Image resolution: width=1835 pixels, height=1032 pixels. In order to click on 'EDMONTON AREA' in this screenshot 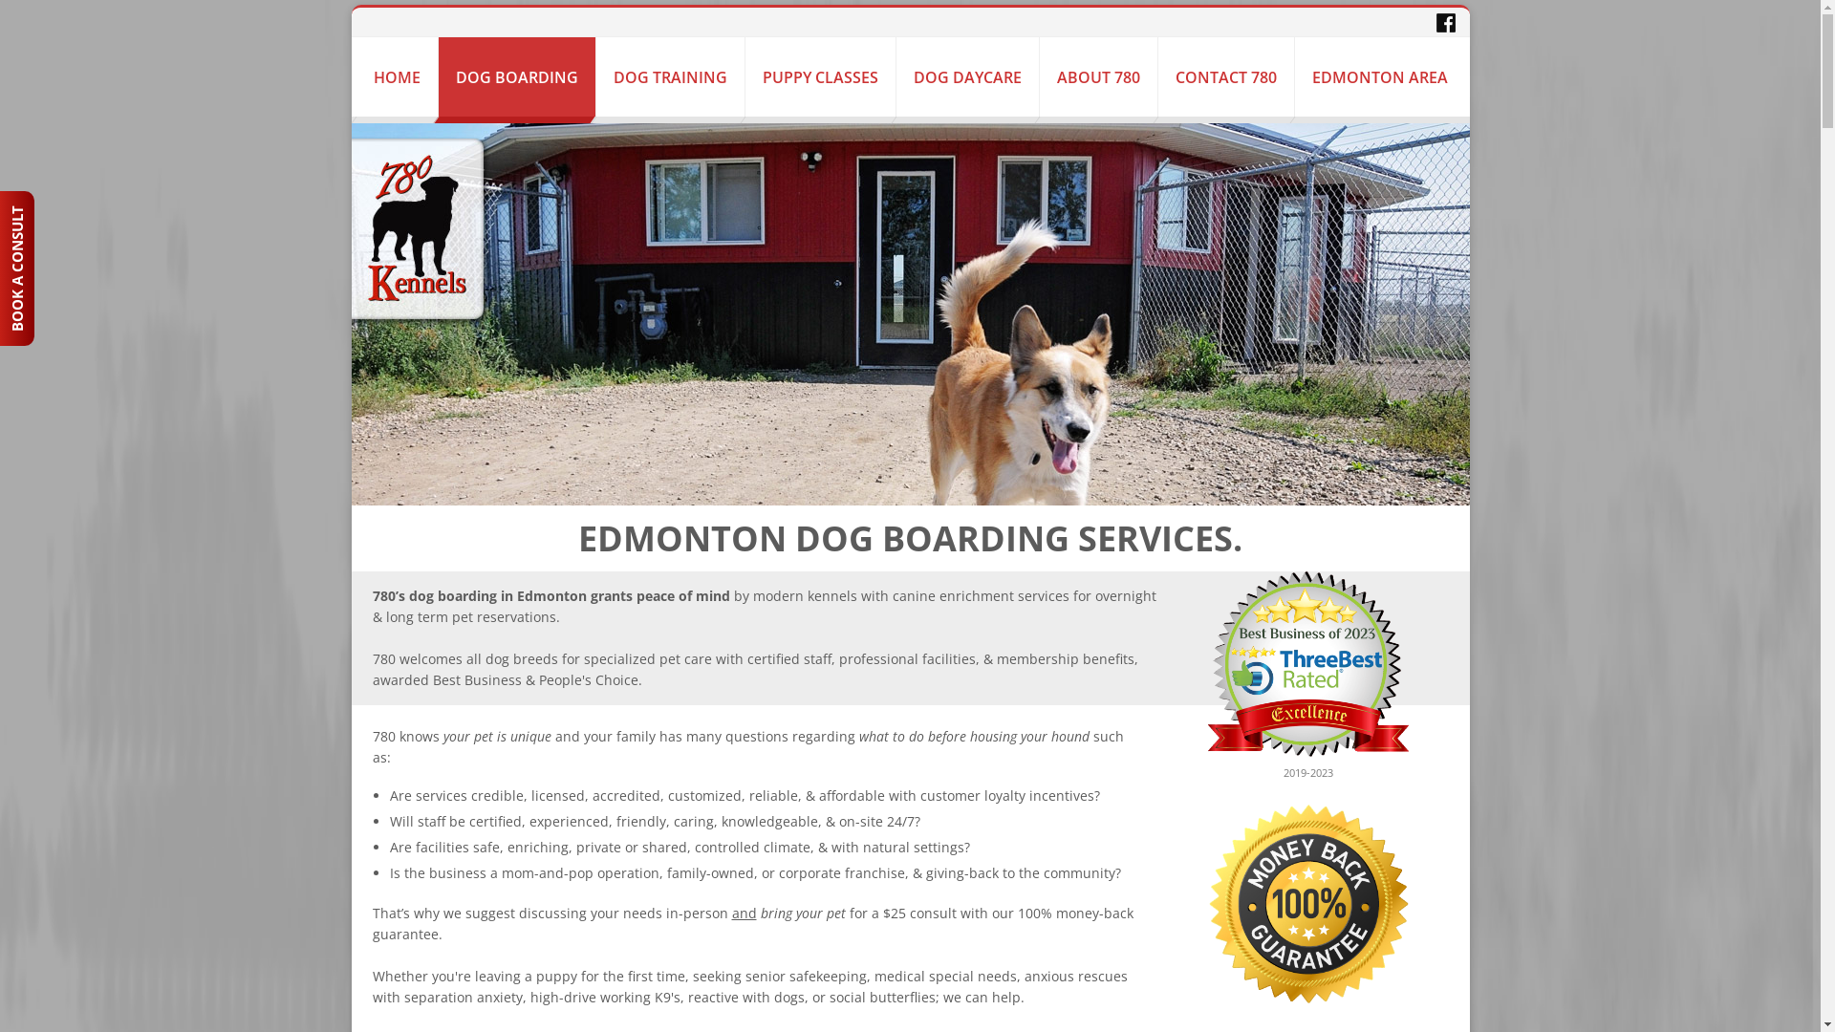, I will do `click(1379, 75)`.